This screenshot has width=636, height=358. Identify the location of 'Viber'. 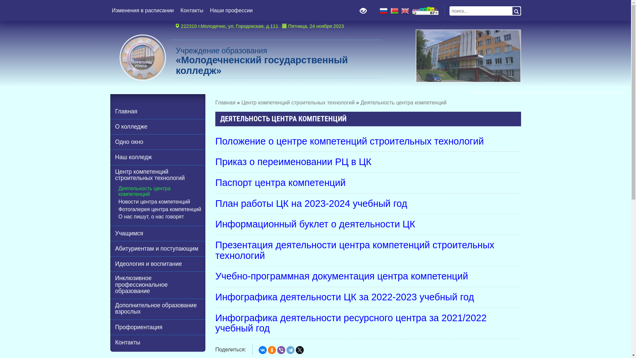
(281, 350).